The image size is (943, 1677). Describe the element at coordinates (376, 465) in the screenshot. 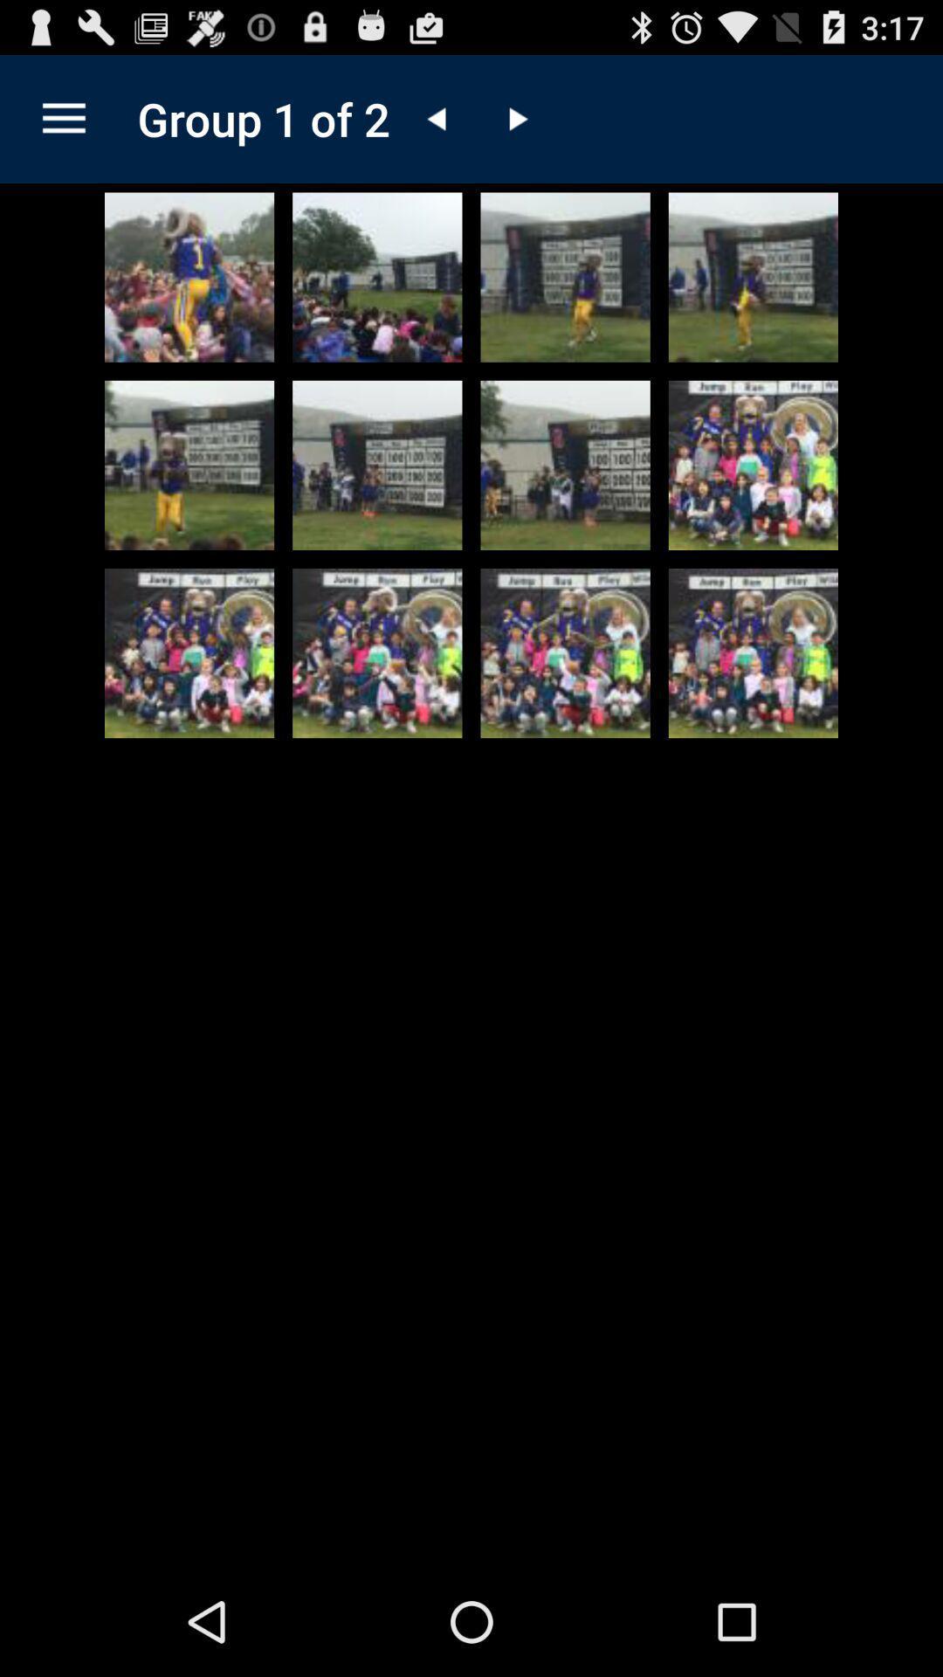

I see `selected` at that location.